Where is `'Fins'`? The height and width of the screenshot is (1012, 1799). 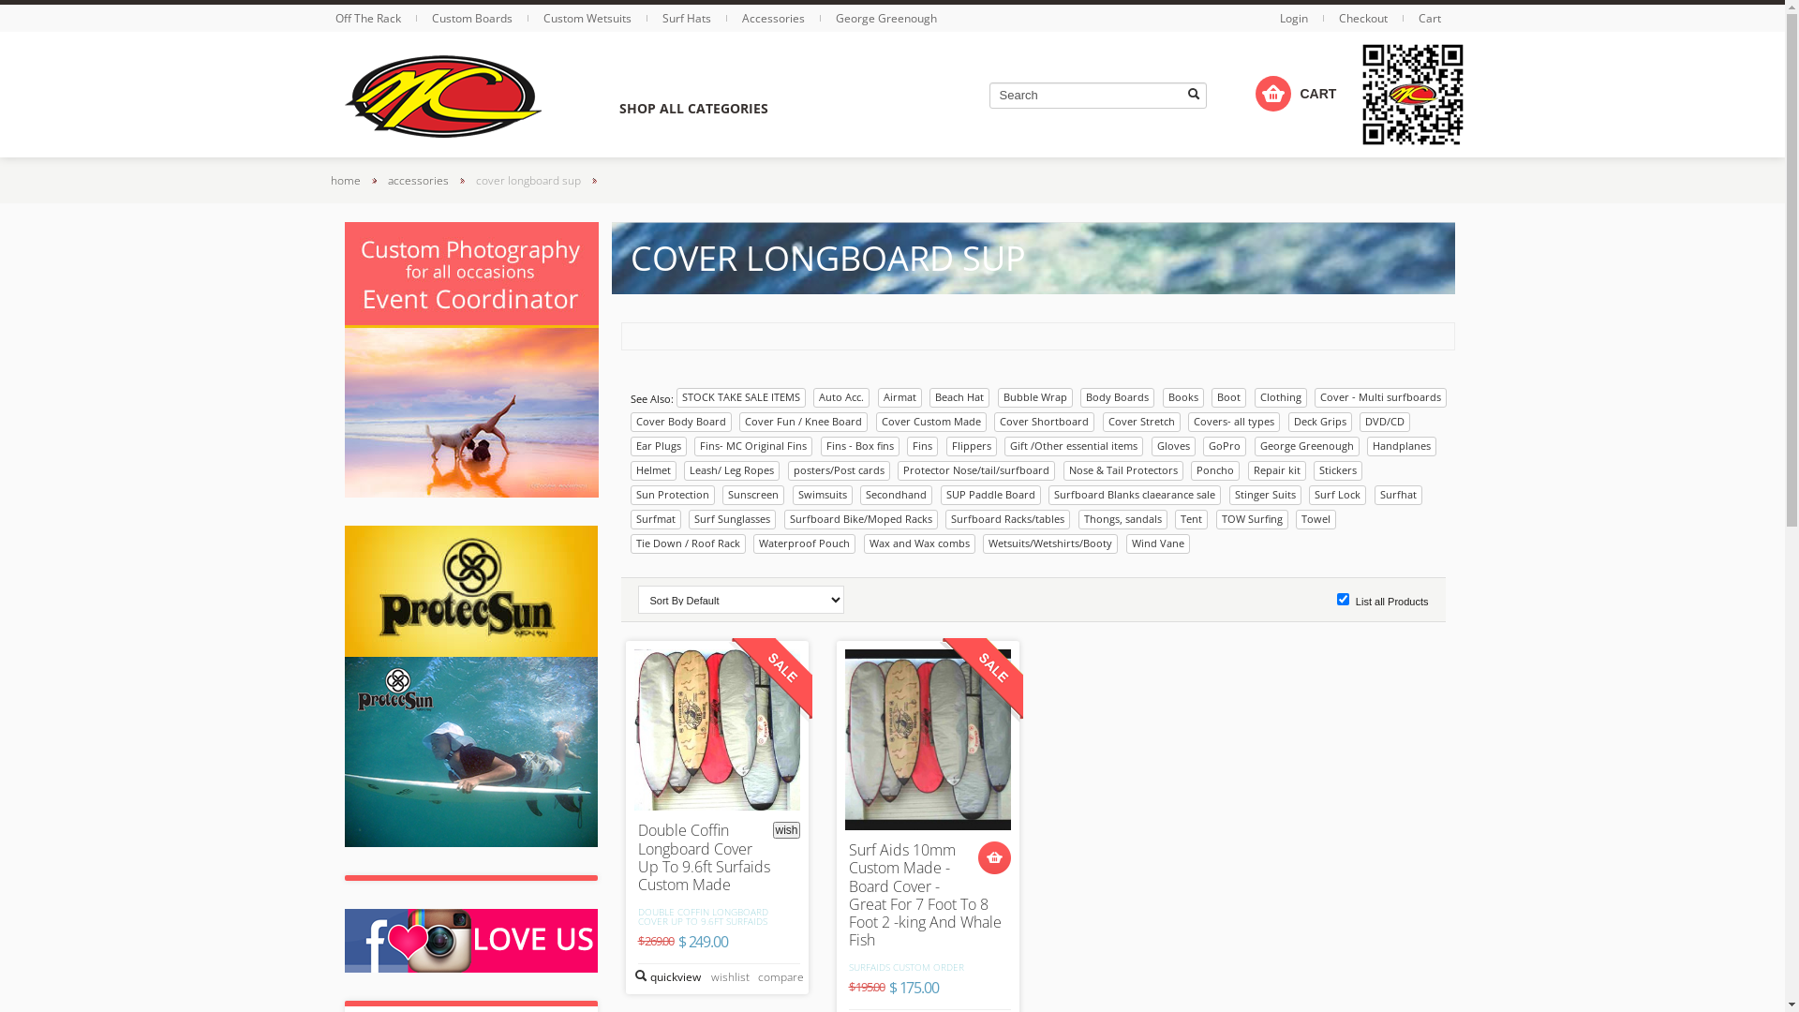 'Fins' is located at coordinates (922, 446).